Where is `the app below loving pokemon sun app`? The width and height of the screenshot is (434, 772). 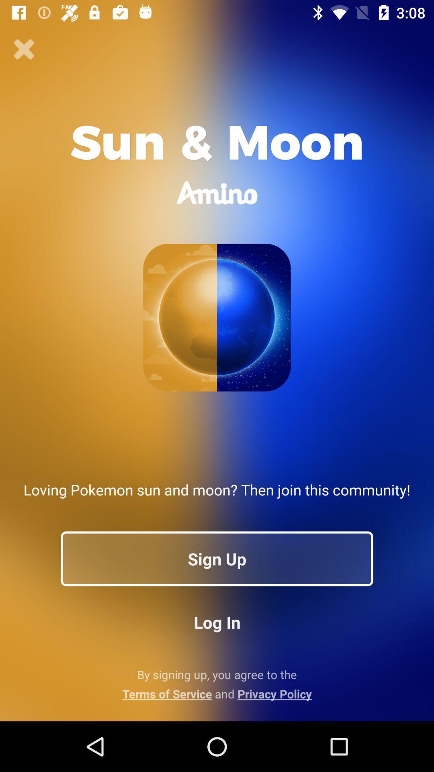
the app below loving pokemon sun app is located at coordinates (217, 558).